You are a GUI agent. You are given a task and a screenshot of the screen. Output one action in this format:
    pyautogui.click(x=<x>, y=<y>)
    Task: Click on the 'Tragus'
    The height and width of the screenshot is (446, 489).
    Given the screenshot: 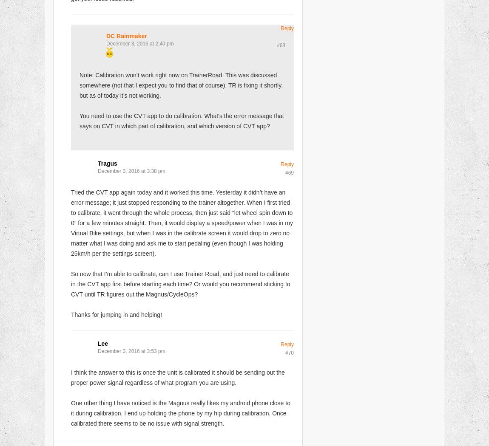 What is the action you would take?
    pyautogui.click(x=97, y=163)
    